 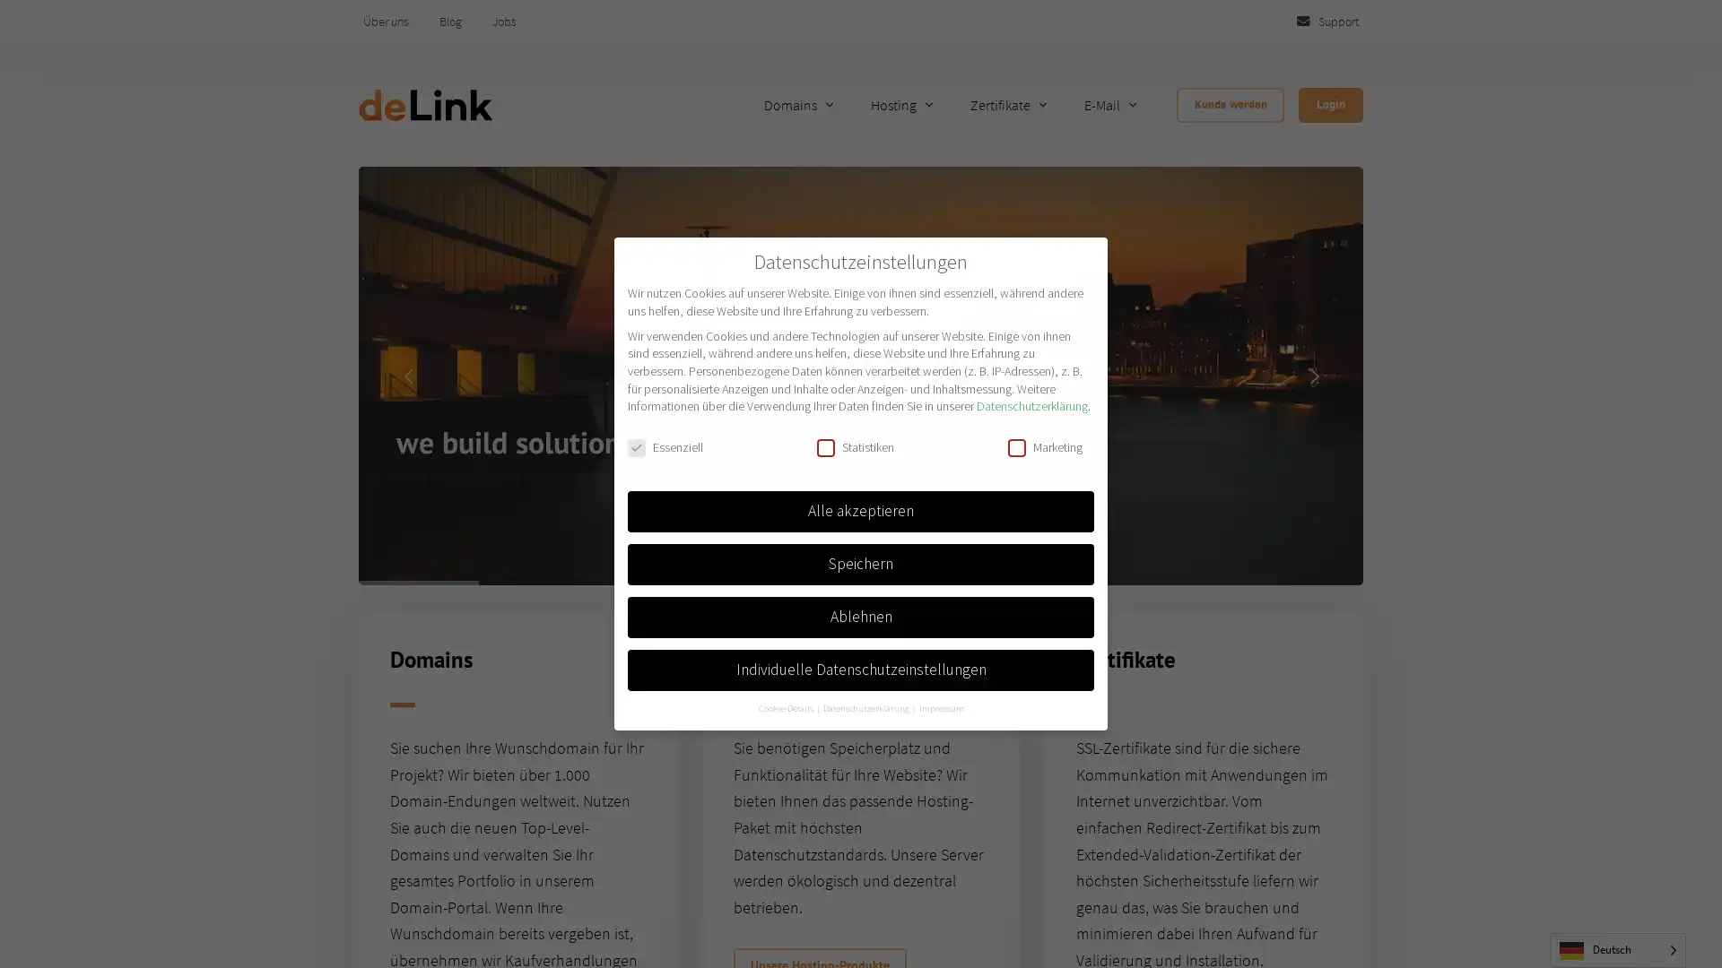 I want to click on Datenschutzerklarung, so click(x=865, y=706).